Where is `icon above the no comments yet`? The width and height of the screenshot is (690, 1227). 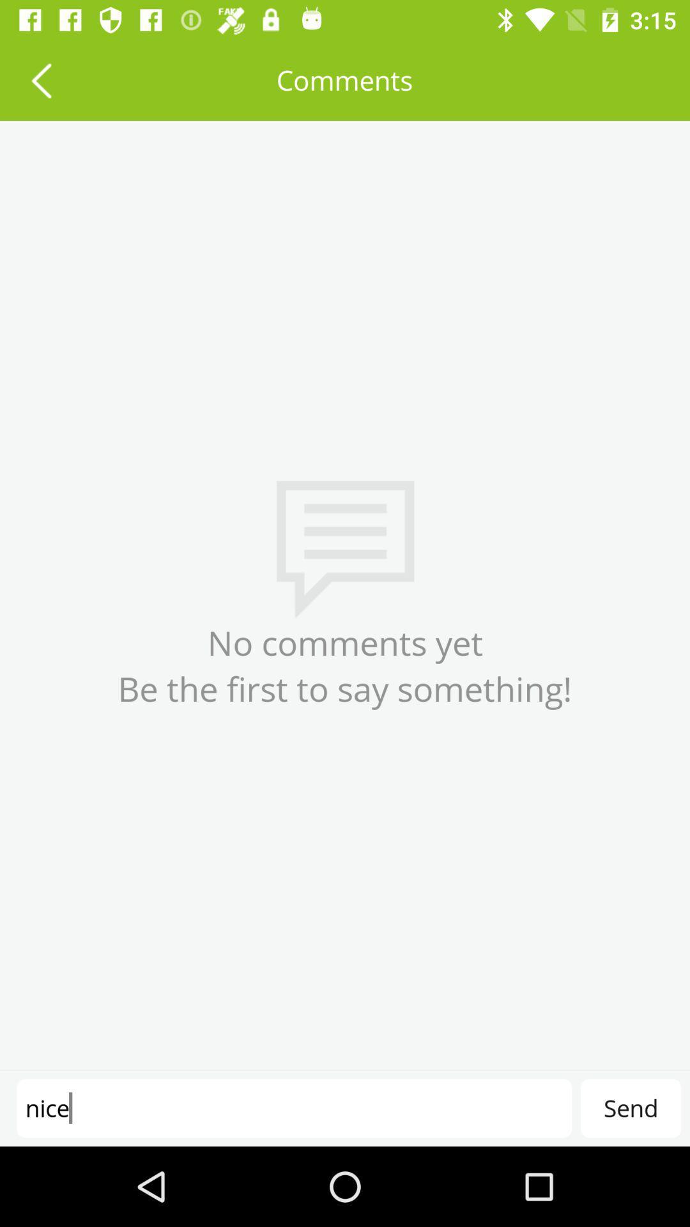 icon above the no comments yet is located at coordinates (40, 79).